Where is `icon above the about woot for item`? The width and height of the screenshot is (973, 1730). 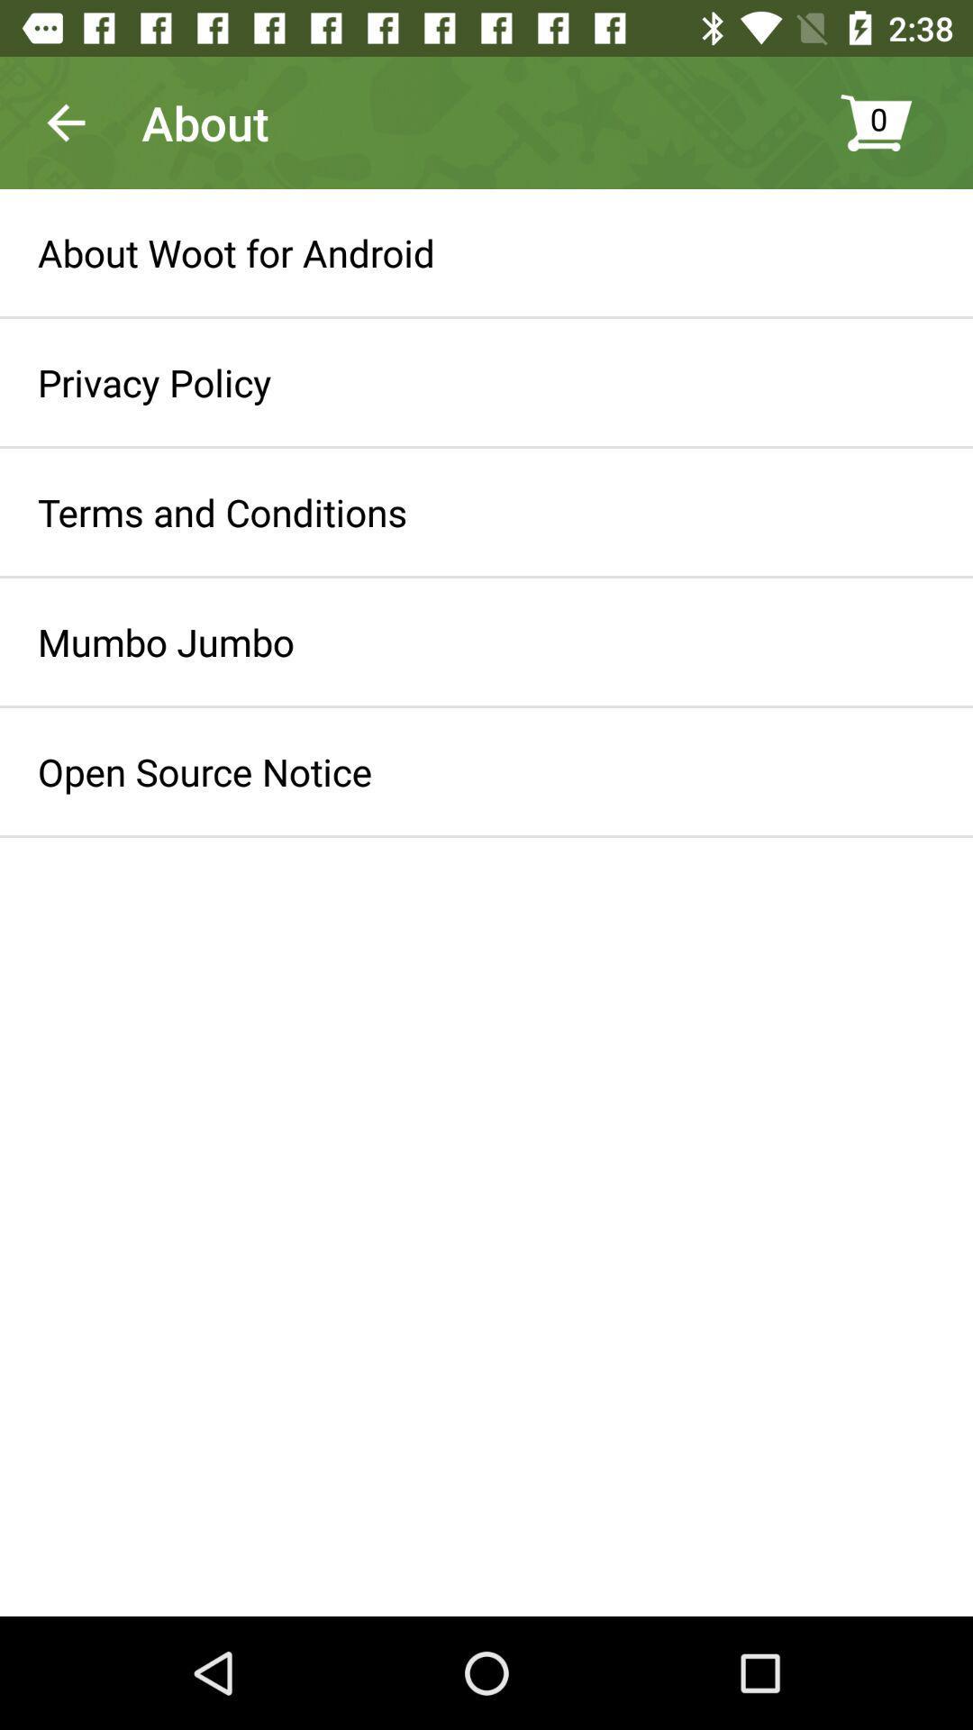
icon above the about woot for item is located at coordinates (65, 122).